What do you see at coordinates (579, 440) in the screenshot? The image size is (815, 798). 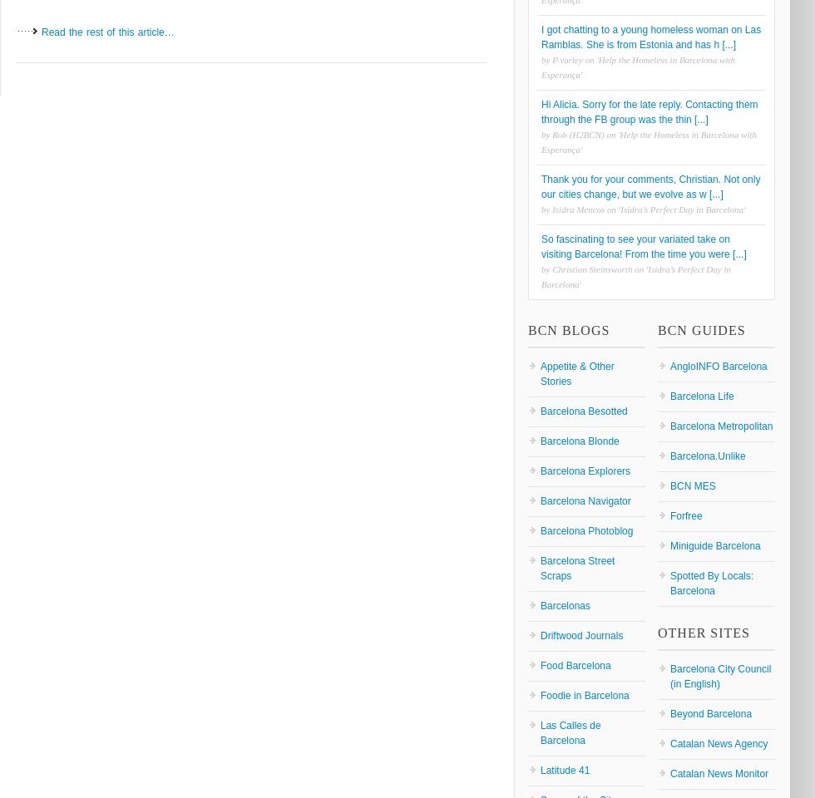 I see `'Barcelona Blonde'` at bounding box center [579, 440].